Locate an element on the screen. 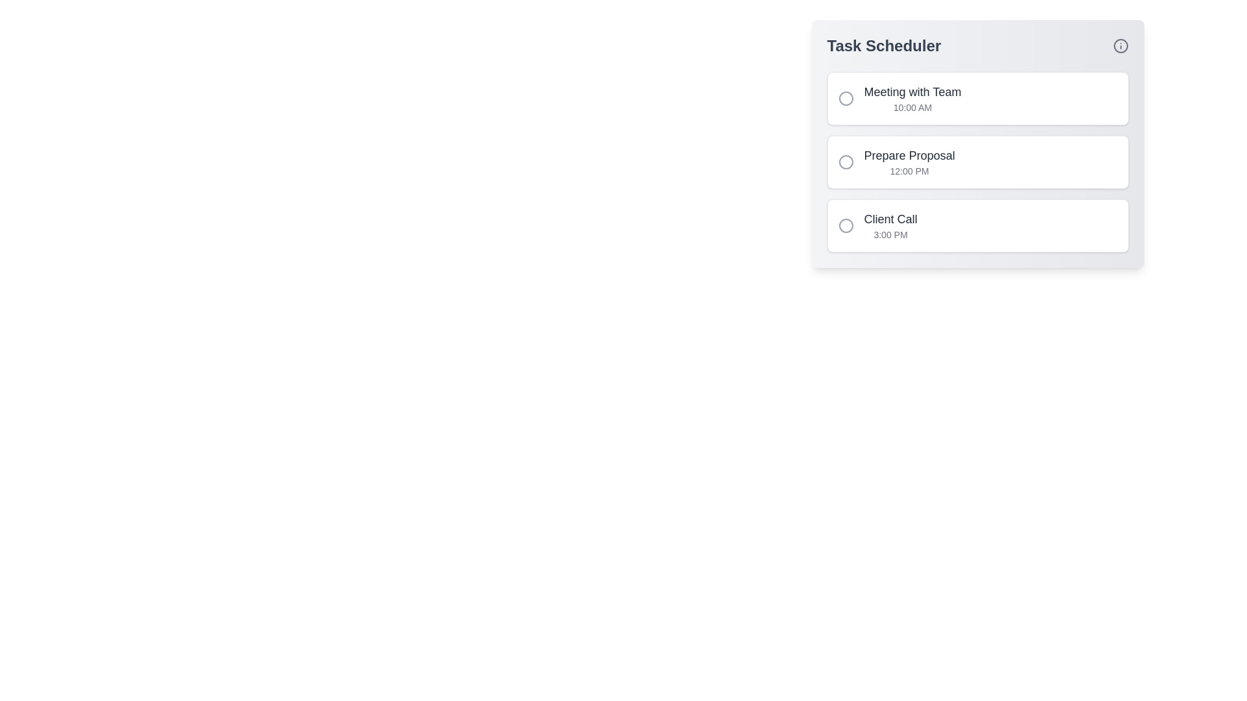 This screenshot has width=1247, height=701. the task titled 'Client Call' to trigger visual feedback is located at coordinates (977, 225).